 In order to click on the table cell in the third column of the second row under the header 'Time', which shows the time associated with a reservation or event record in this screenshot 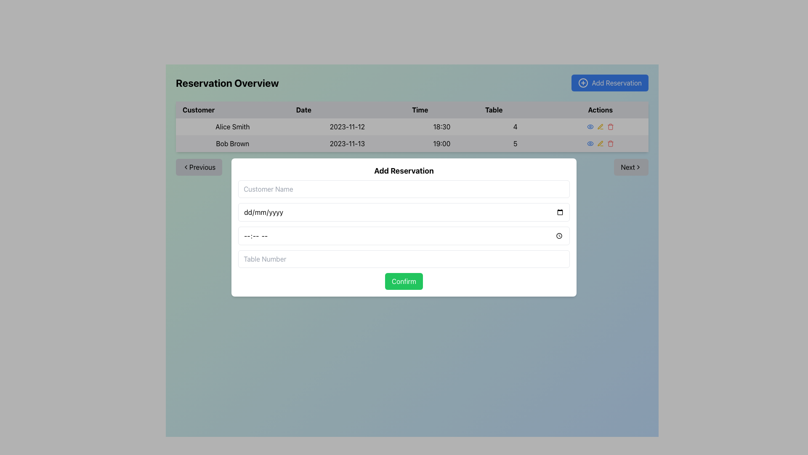, I will do `click(441, 143)`.